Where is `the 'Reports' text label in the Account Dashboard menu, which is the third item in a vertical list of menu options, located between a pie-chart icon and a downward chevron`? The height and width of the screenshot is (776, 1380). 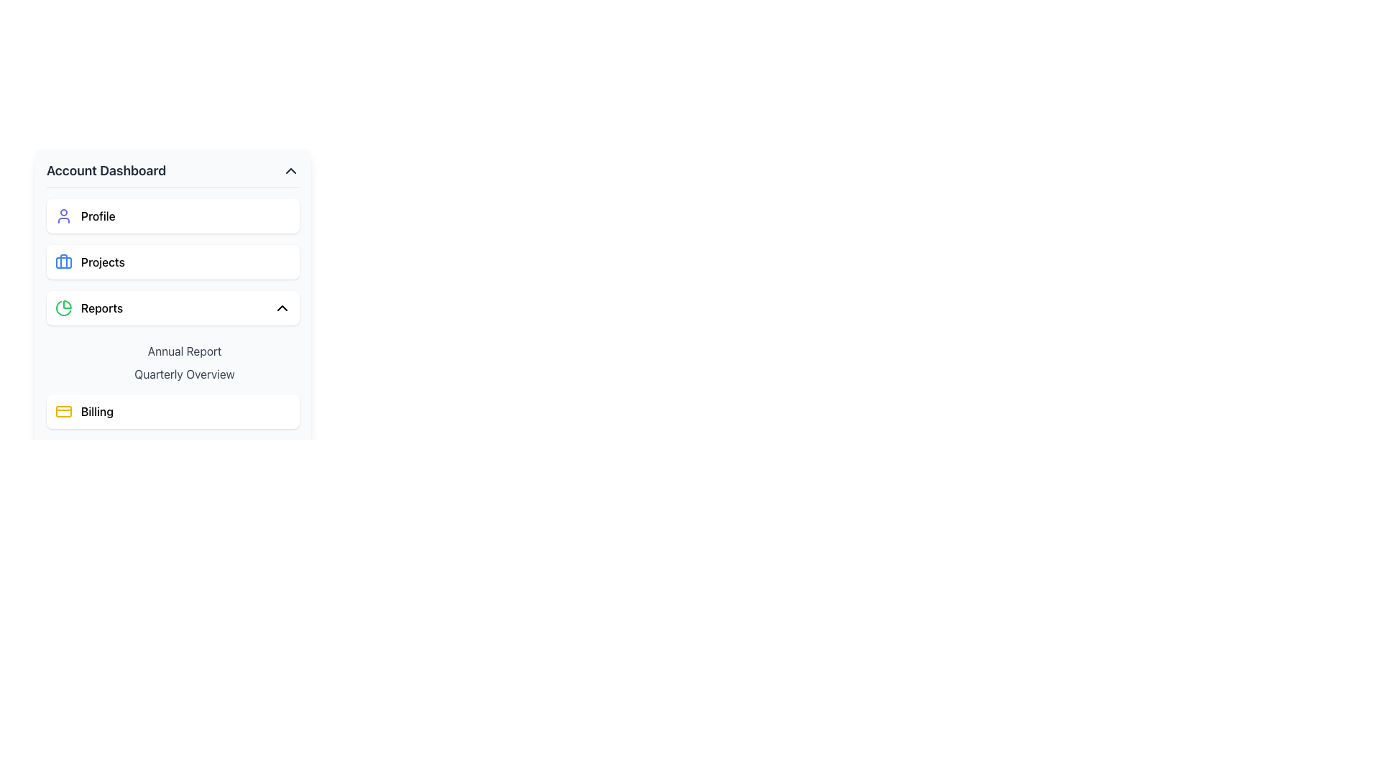
the 'Reports' text label in the Account Dashboard menu, which is the third item in a vertical list of menu options, located between a pie-chart icon and a downward chevron is located at coordinates (101, 307).